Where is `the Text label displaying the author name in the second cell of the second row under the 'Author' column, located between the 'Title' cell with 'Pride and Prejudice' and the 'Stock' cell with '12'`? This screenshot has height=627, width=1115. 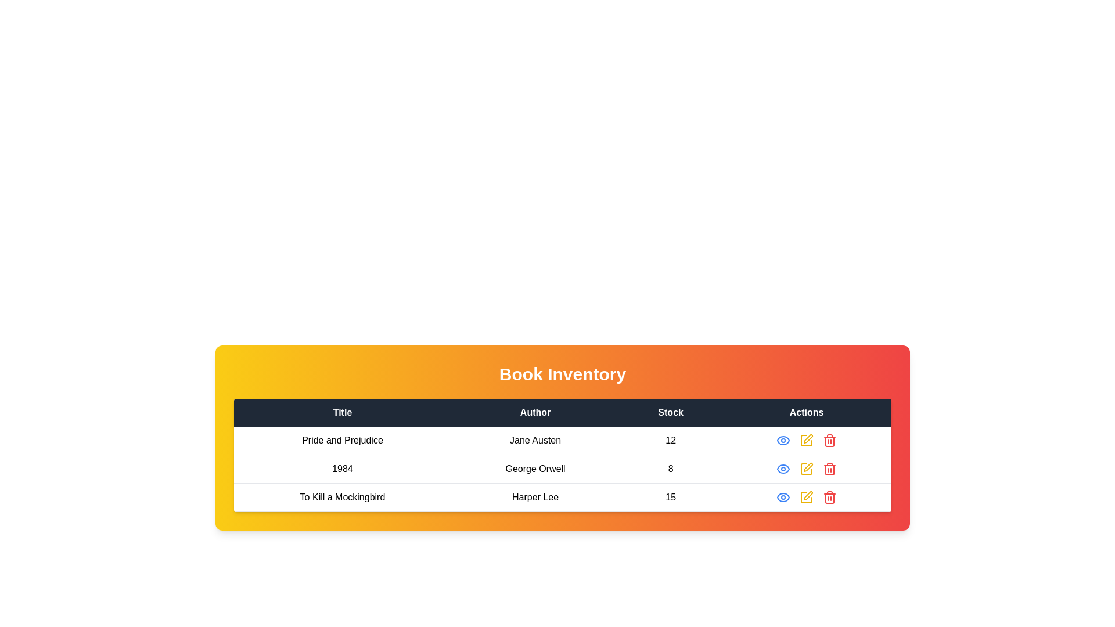 the Text label displaying the author name in the second cell of the second row under the 'Author' column, located between the 'Title' cell with 'Pride and Prejudice' and the 'Stock' cell with '12' is located at coordinates (535, 441).